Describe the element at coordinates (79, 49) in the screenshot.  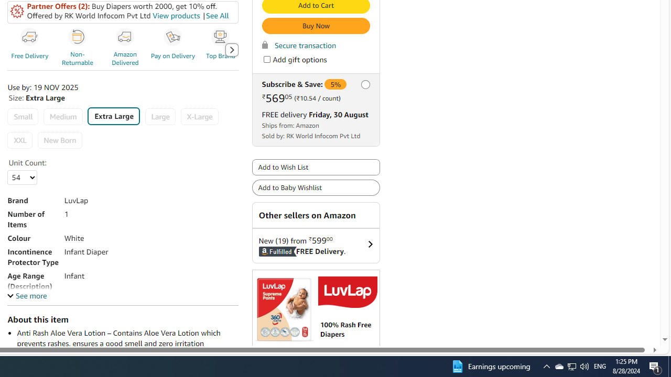
I see `'Non-Returnable'` at that location.